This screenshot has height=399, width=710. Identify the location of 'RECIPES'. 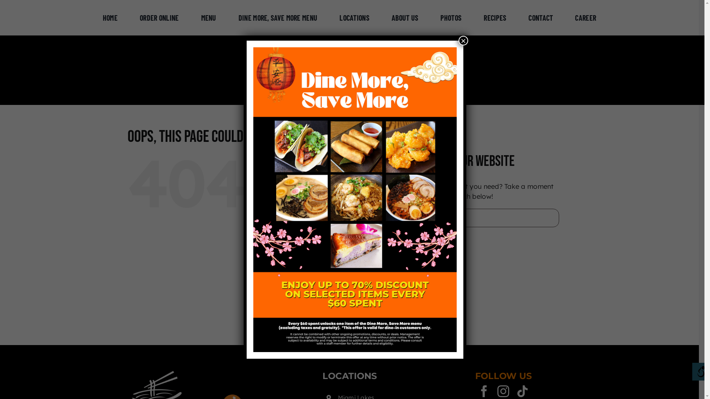
(495, 17).